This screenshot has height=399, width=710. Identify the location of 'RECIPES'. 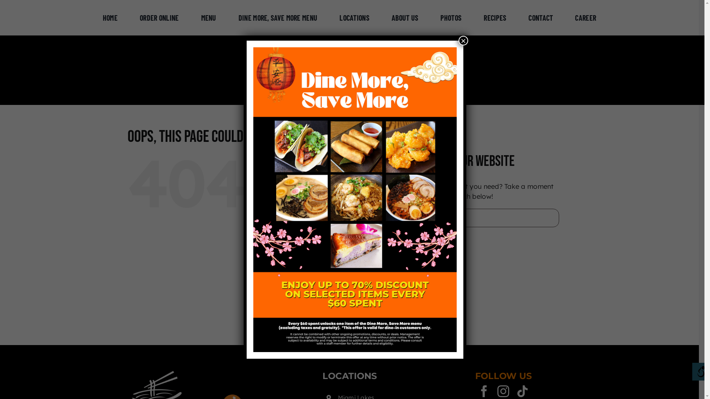
(495, 17).